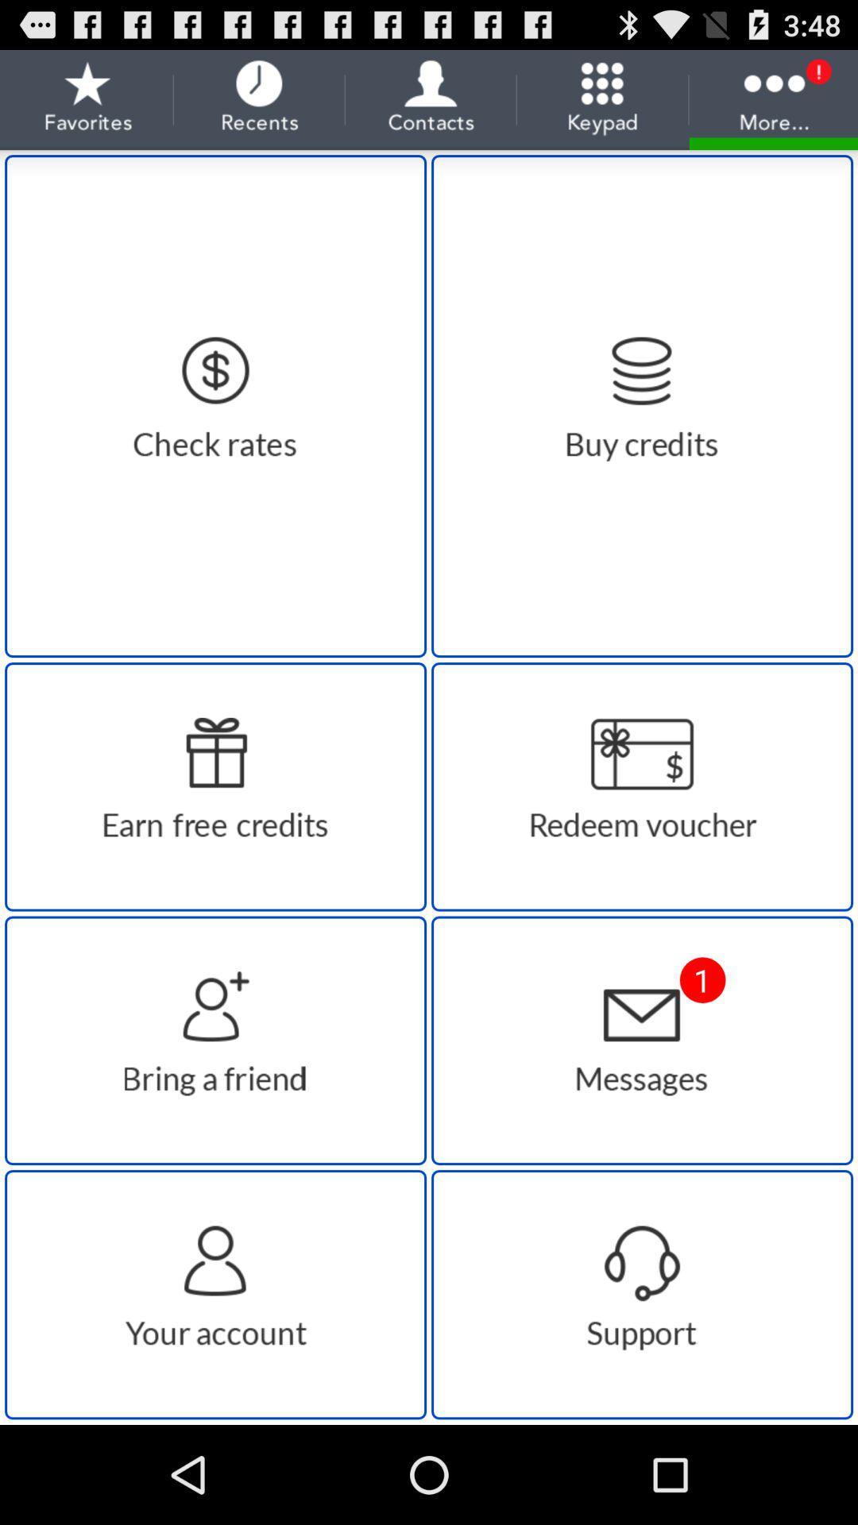 The image size is (858, 1525). Describe the element at coordinates (215, 786) in the screenshot. I see `earn free credits app` at that location.